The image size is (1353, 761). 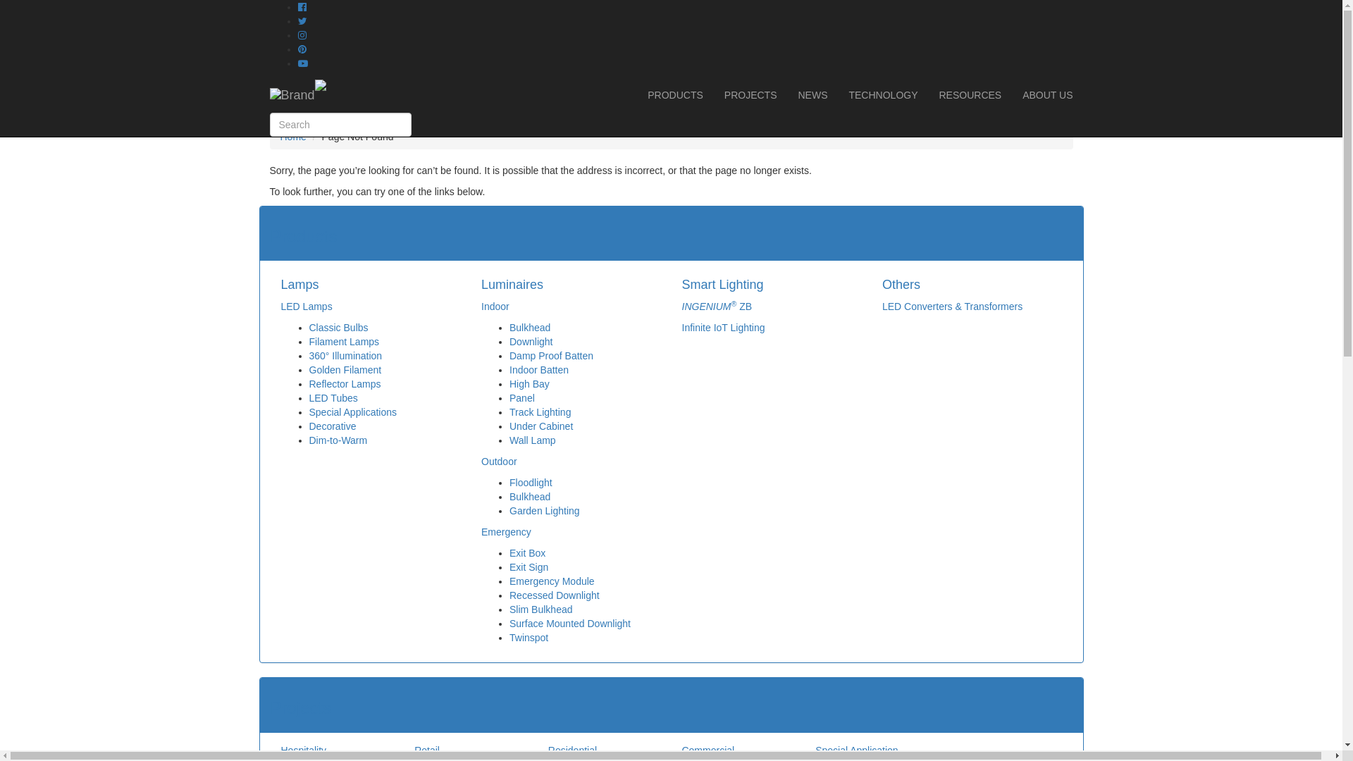 What do you see at coordinates (509, 567) in the screenshot?
I see `'Exit Sign'` at bounding box center [509, 567].